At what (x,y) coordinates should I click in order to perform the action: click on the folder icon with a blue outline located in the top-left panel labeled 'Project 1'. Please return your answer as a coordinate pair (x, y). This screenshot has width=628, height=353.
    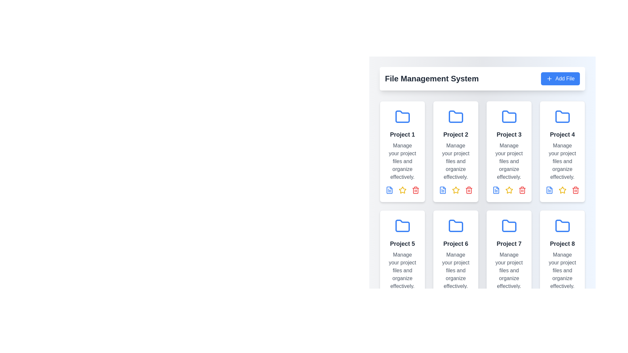
    Looking at the image, I should click on (402, 116).